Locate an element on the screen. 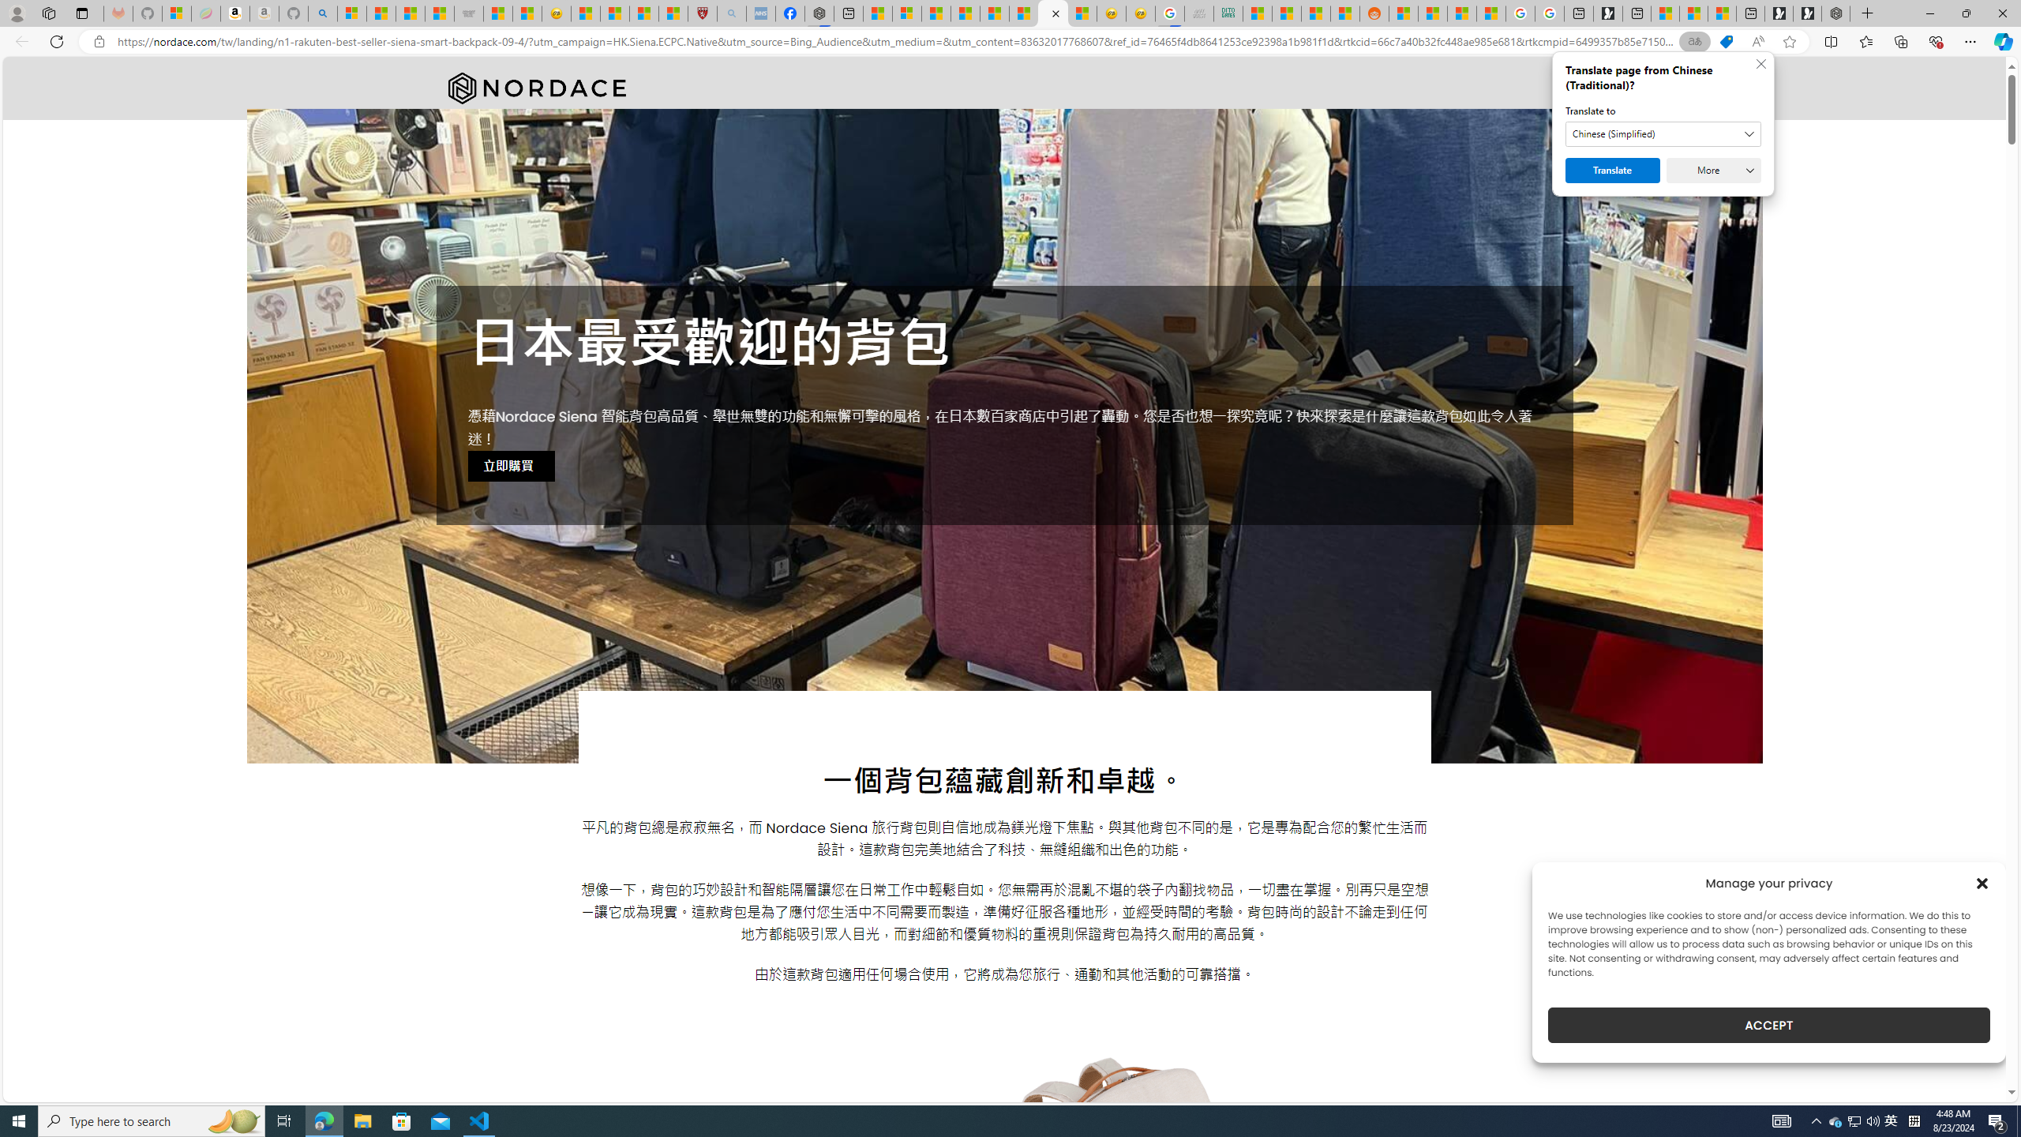  'This site has coupons! Shopping in Microsoft Edge' is located at coordinates (1725, 42).